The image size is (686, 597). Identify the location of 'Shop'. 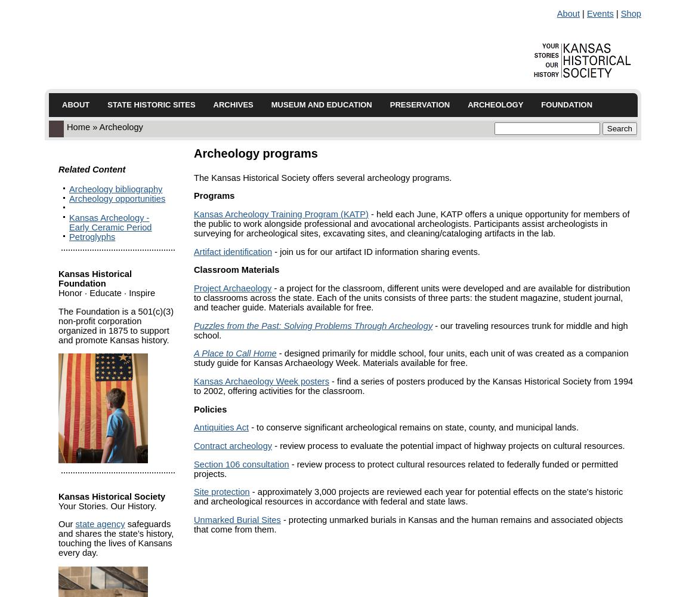
(631, 13).